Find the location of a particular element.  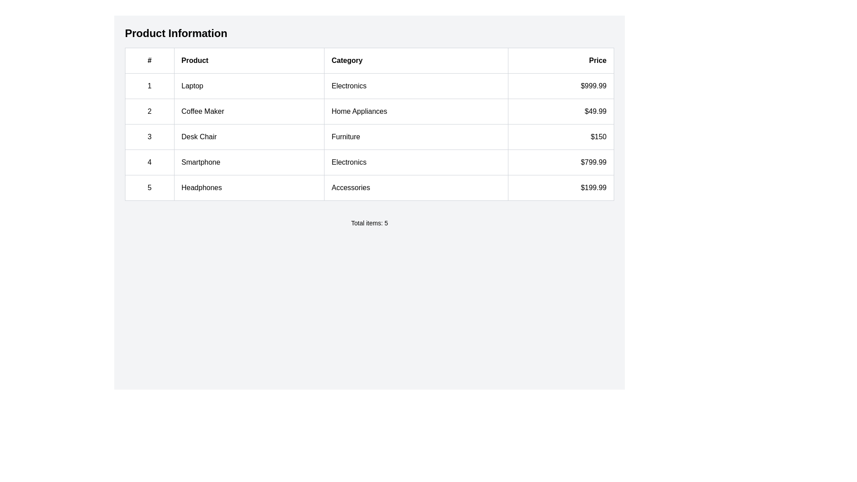

displayed price value from the Table Cell showing the price formatted as '$49.99', which is located in the fourth column of the second row of the table is located at coordinates (560, 111).